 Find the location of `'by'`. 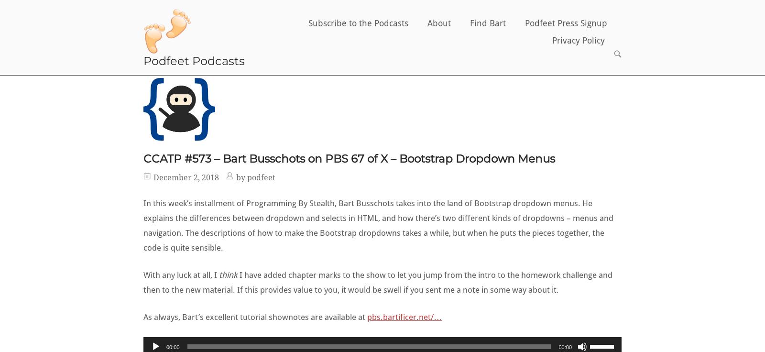

'by' is located at coordinates (241, 177).